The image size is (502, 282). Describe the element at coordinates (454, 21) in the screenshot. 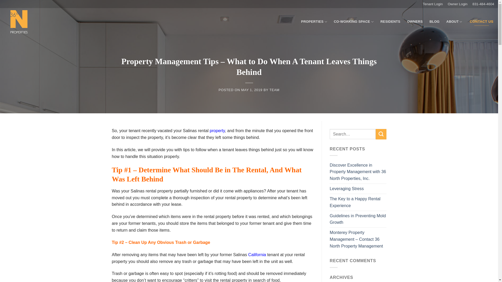

I see `'ABOUT'` at that location.